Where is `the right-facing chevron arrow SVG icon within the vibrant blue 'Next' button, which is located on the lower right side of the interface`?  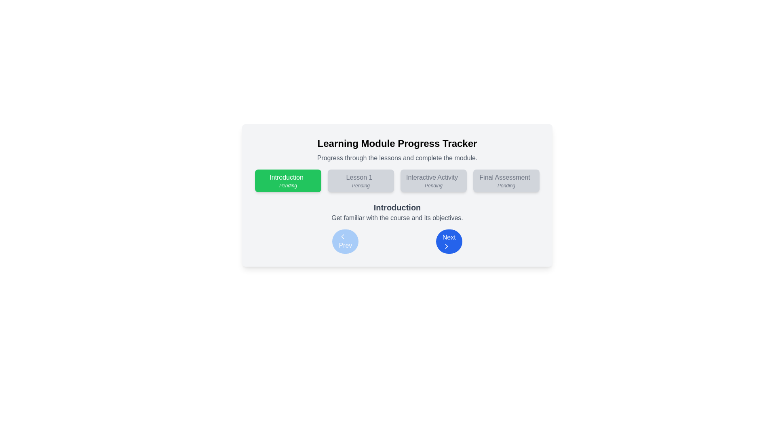
the right-facing chevron arrow SVG icon within the vibrant blue 'Next' button, which is located on the lower right side of the interface is located at coordinates (446, 246).